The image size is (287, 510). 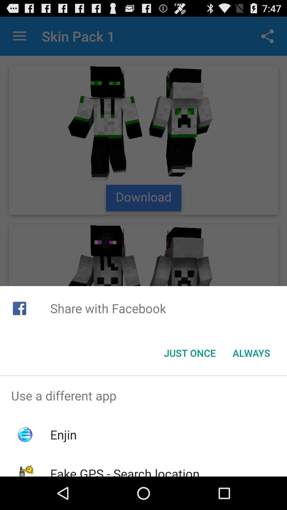 I want to click on icon next to the just once item, so click(x=251, y=353).